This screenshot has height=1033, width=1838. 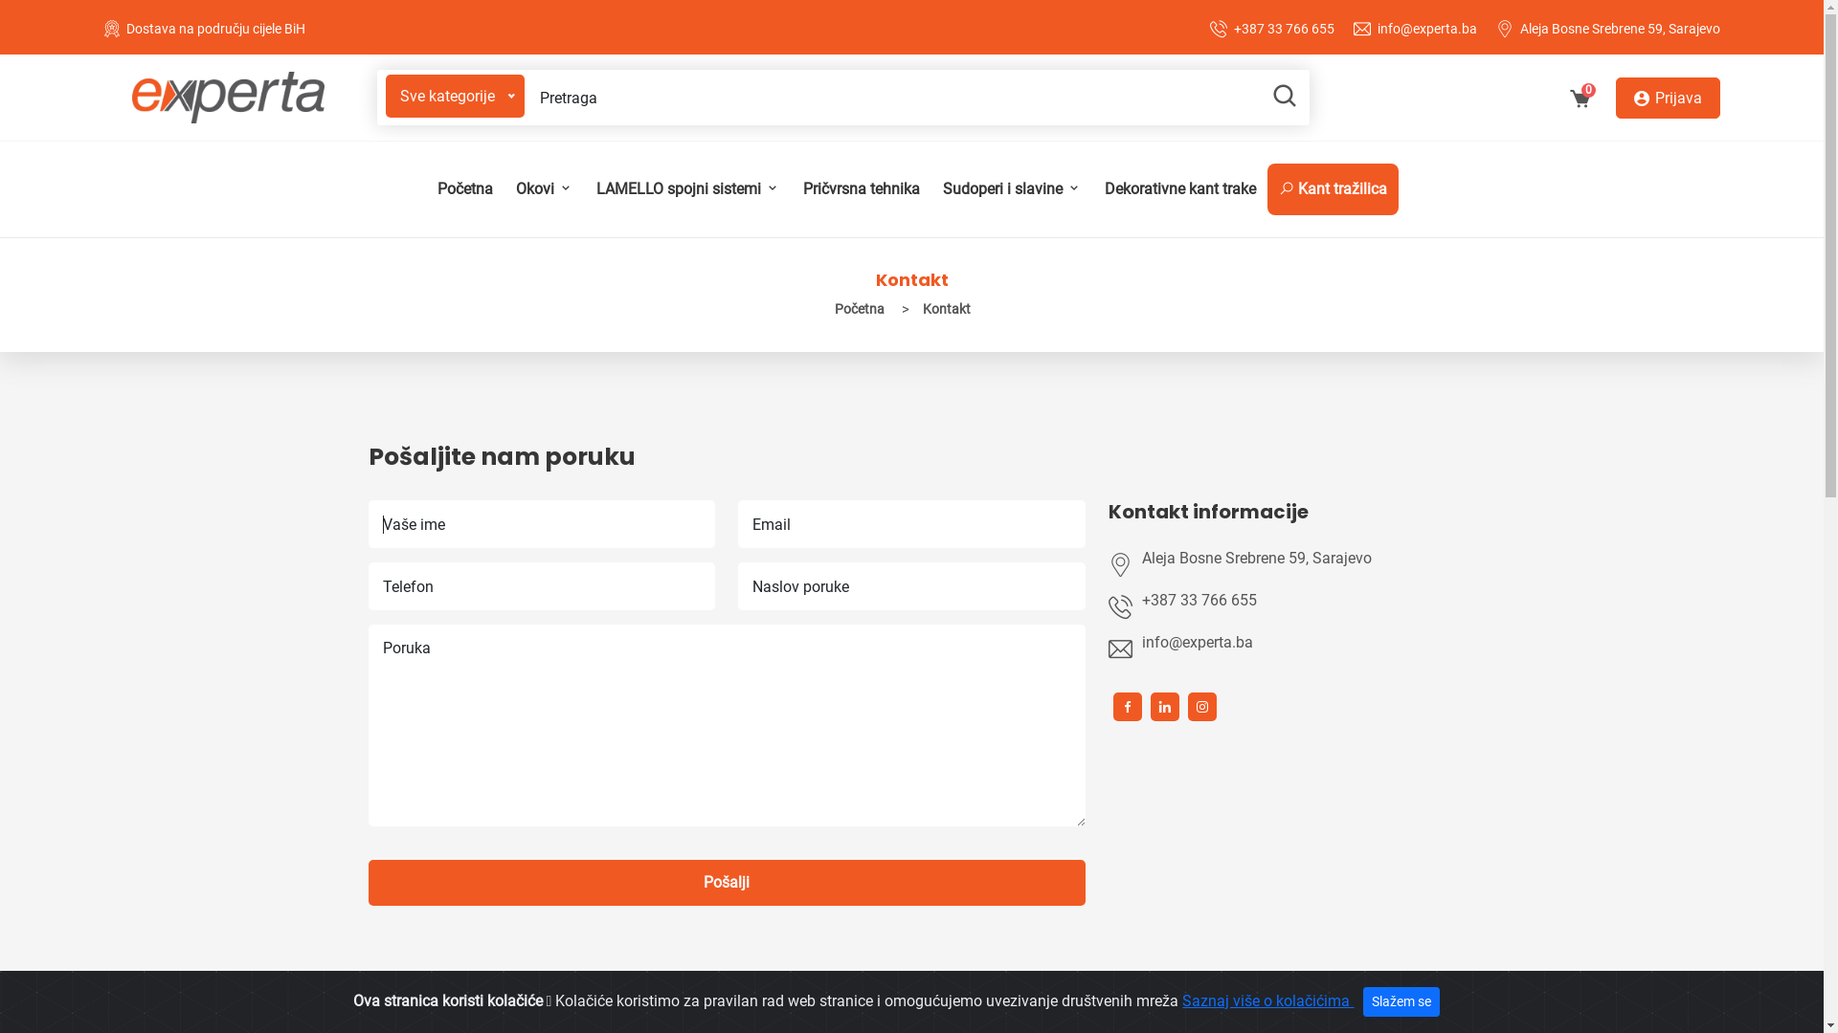 What do you see at coordinates (1290, 642) in the screenshot?
I see `'info@experta.ba'` at bounding box center [1290, 642].